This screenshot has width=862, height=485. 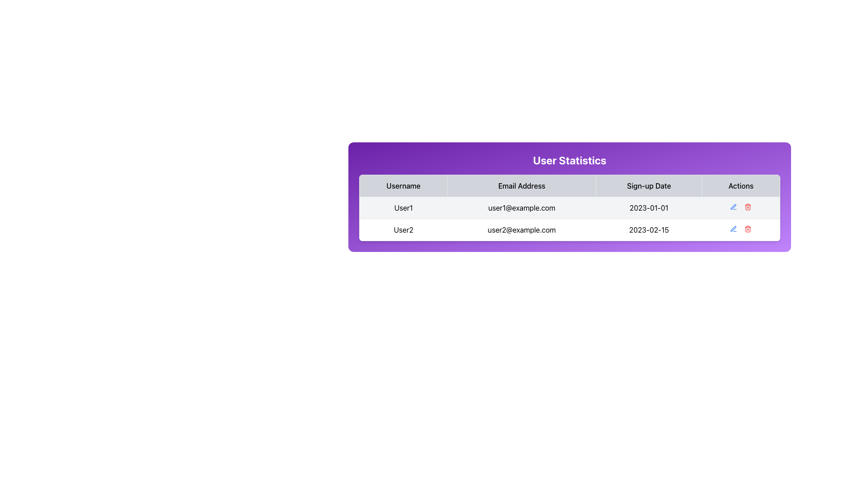 I want to click on the 'Username' Table Header Cell, so click(x=403, y=185).